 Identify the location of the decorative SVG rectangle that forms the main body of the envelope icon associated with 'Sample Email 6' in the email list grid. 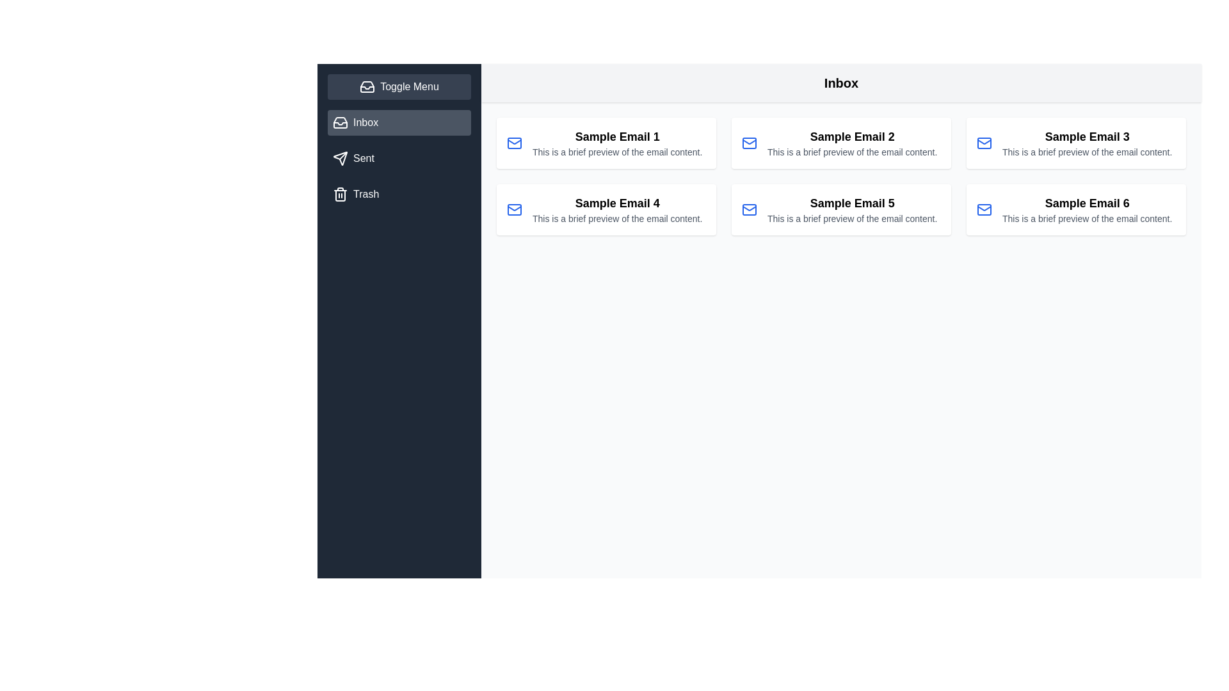
(983, 209).